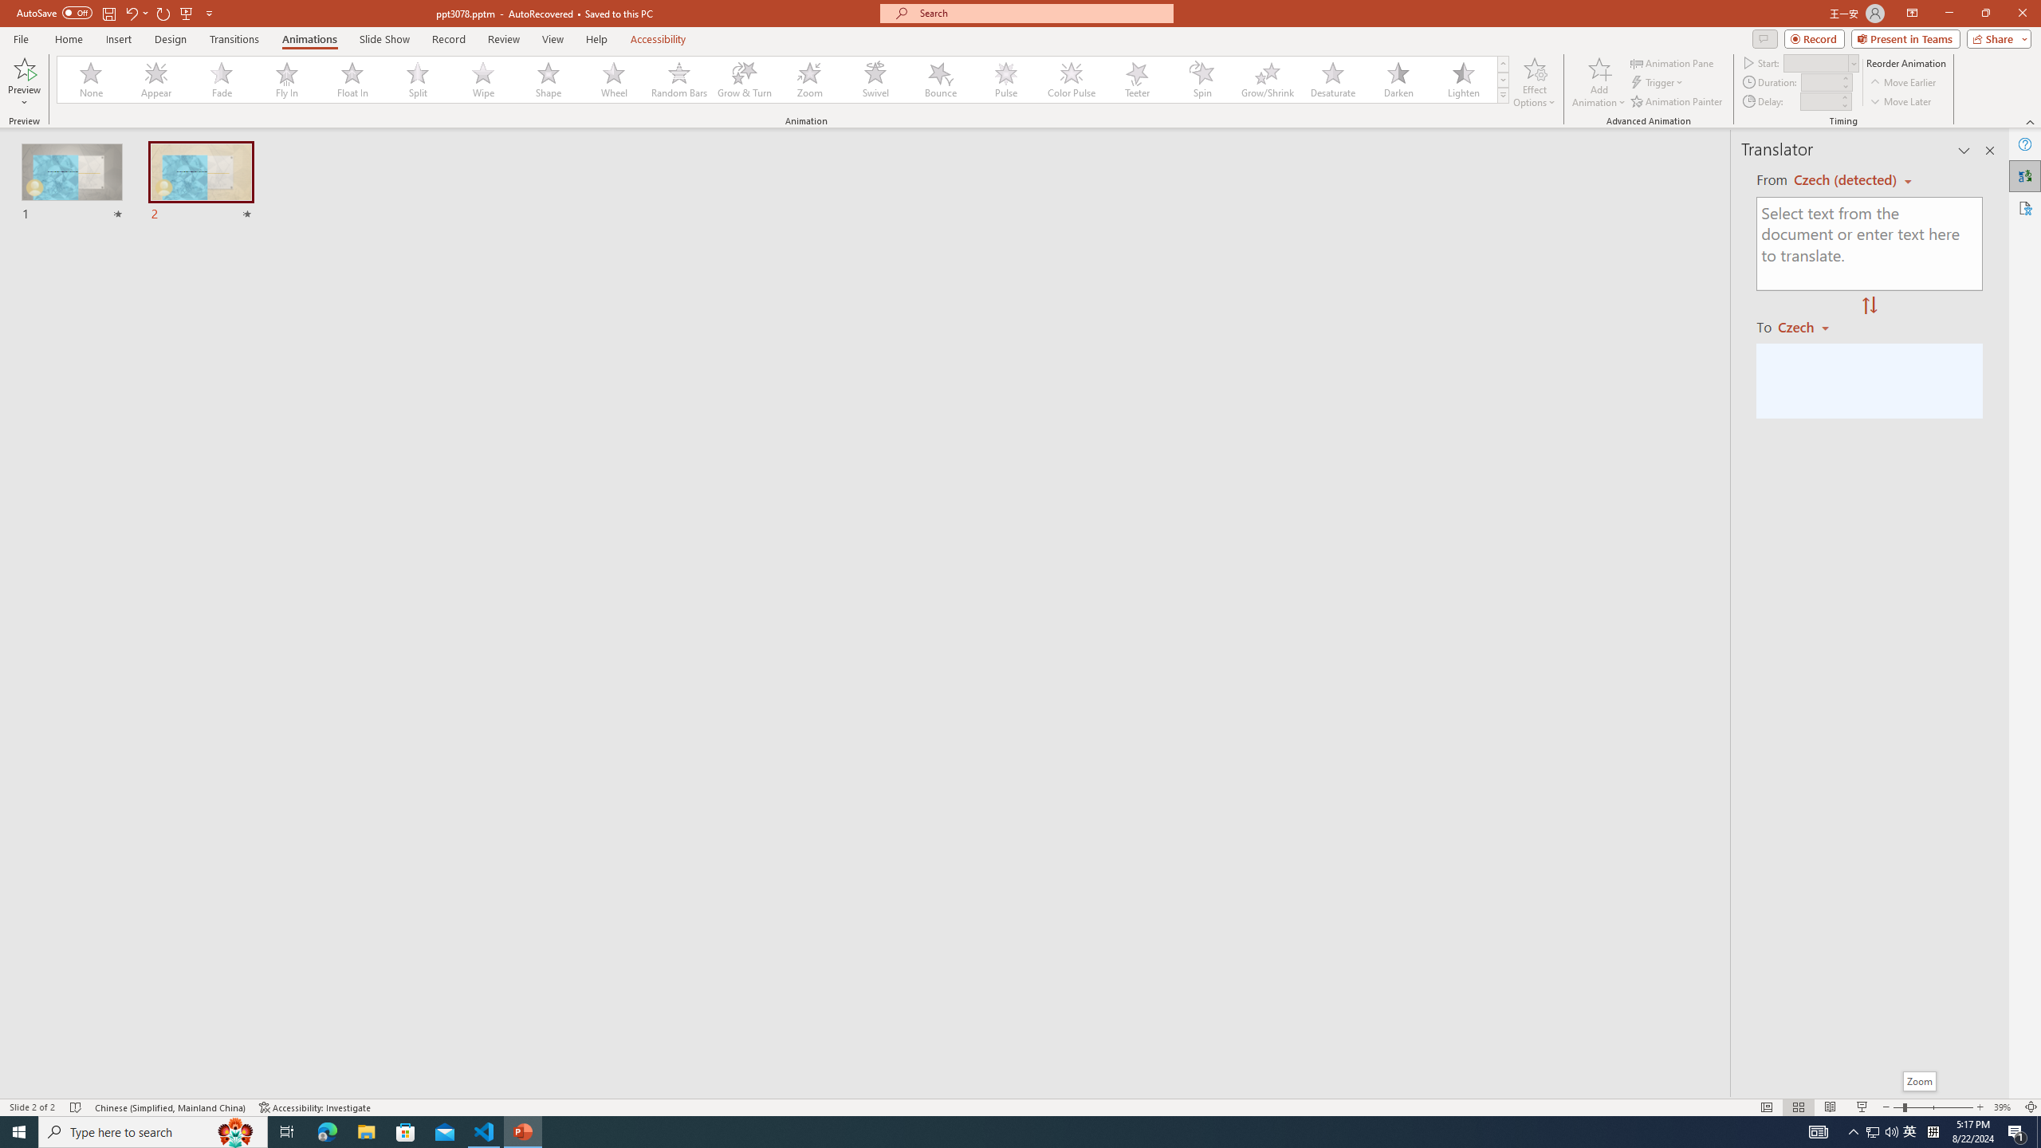 The width and height of the screenshot is (2041, 1148). Describe the element at coordinates (2005, 1107) in the screenshot. I see `'Zoom 39%'` at that location.